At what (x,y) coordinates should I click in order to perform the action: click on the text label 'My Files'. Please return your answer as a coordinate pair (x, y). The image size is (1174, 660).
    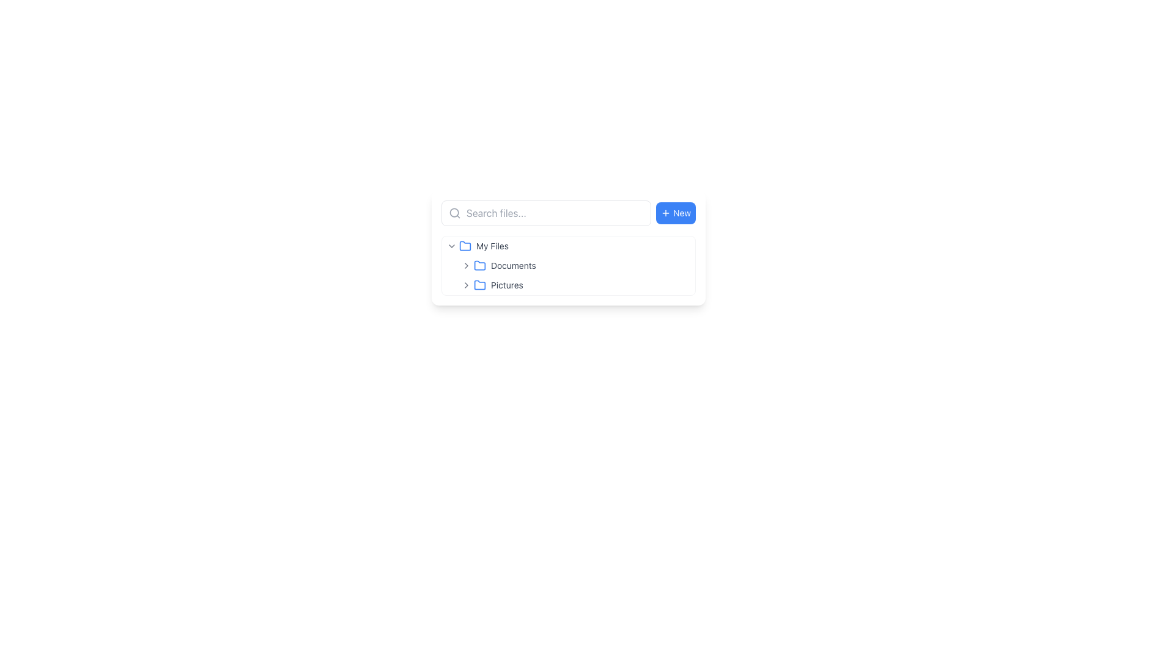
    Looking at the image, I should click on (492, 246).